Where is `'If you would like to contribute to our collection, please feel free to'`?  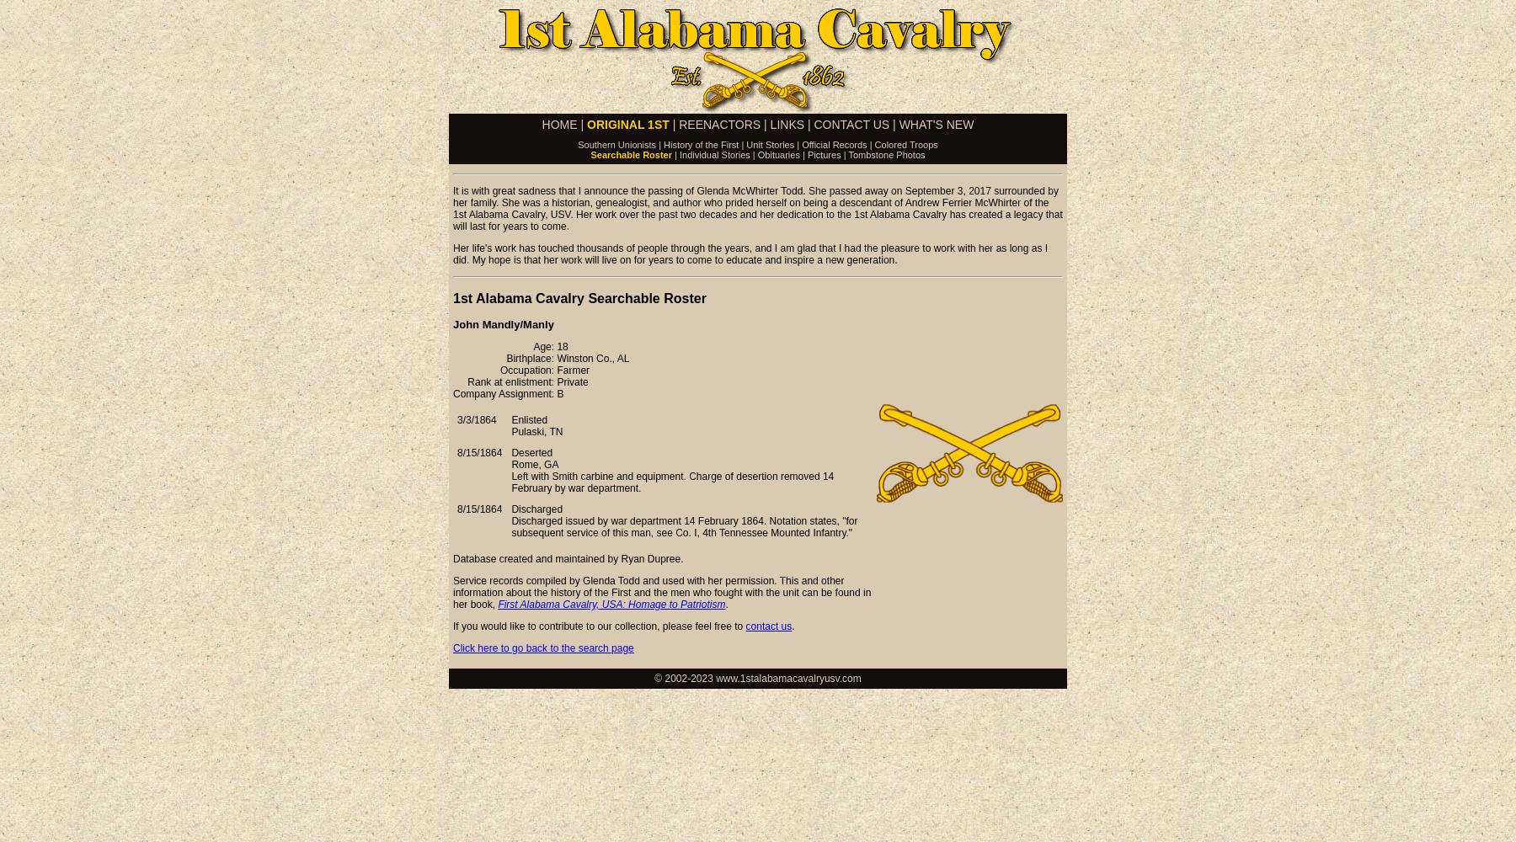 'If you would like to contribute to our collection, please feel free to' is located at coordinates (452, 626).